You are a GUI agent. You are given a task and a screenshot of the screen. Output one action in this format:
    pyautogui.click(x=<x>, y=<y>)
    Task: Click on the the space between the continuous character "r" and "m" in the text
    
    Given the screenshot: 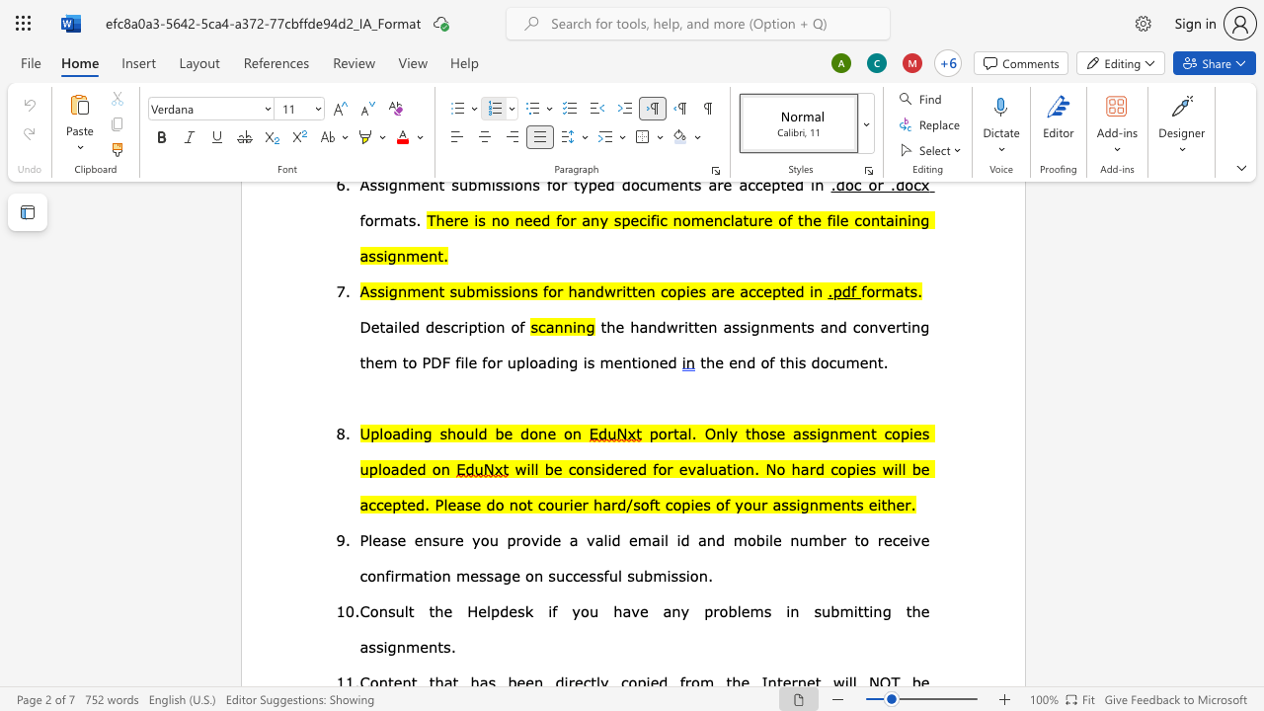 What is the action you would take?
    pyautogui.click(x=401, y=575)
    